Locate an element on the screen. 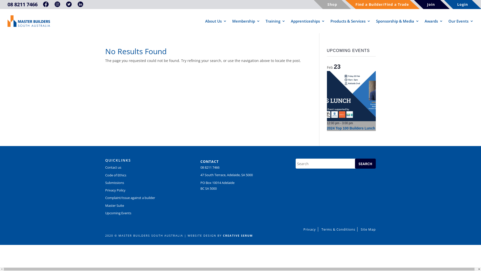 This screenshot has width=481, height=271. 'Terms & Conditions' is located at coordinates (338, 229).